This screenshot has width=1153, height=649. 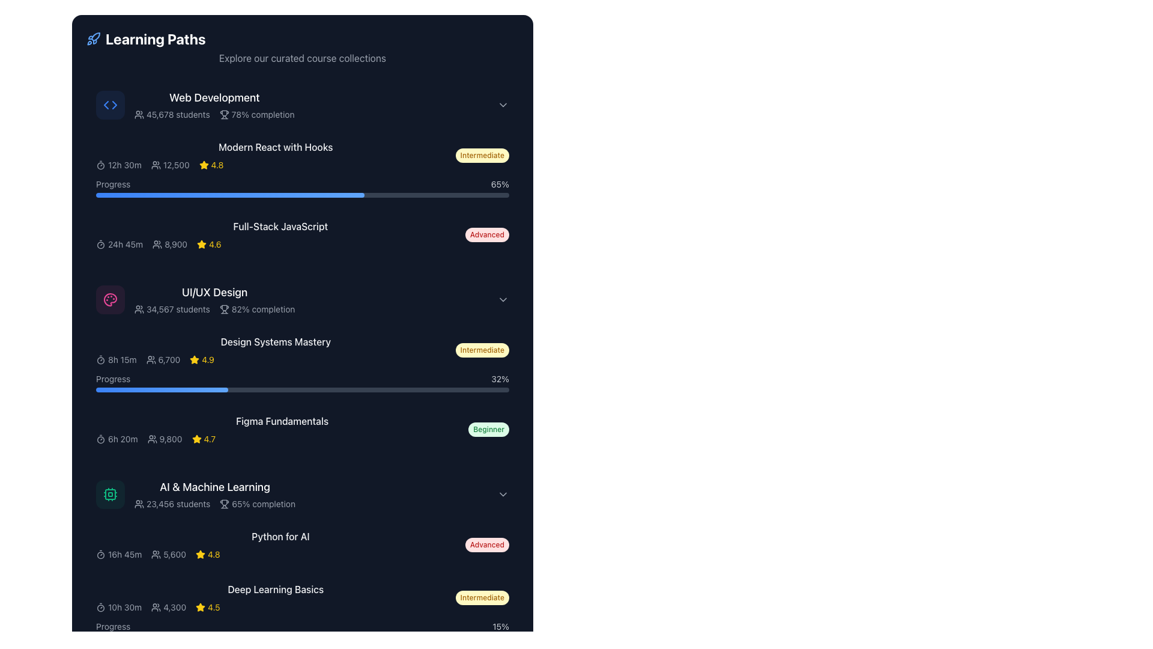 I want to click on the text label that serves as the title of the 'Design Systems Mastery' course for identification purposes, so click(x=275, y=342).